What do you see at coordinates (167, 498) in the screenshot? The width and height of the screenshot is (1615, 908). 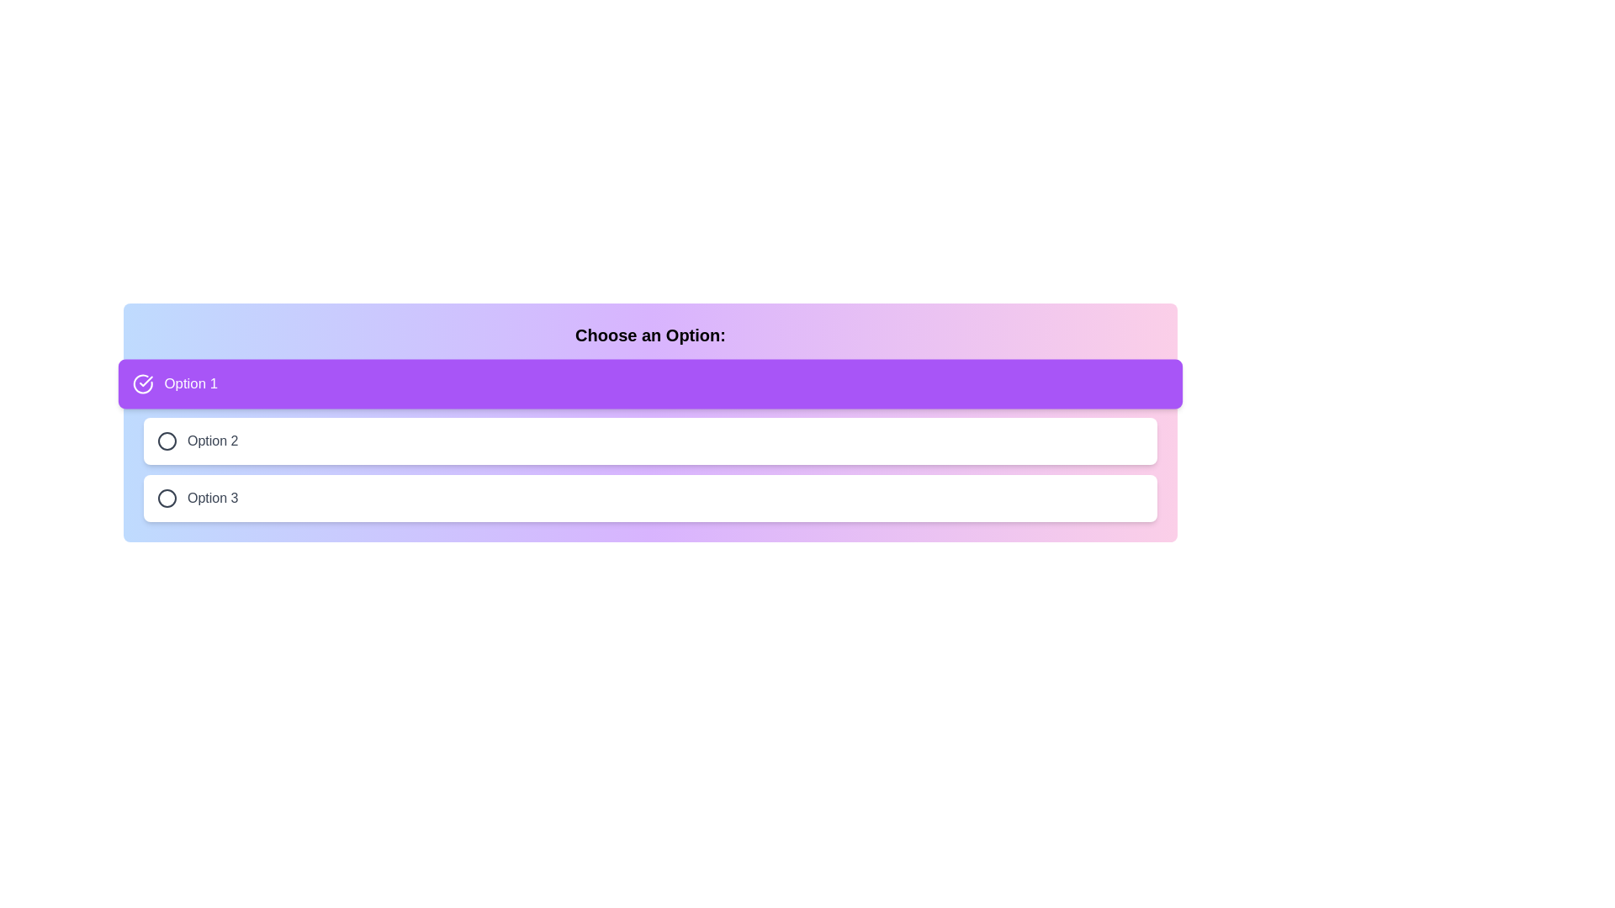 I see `the circular icon with a hollow center located to the left of the 'Option 3' text in the third row of the list` at bounding box center [167, 498].